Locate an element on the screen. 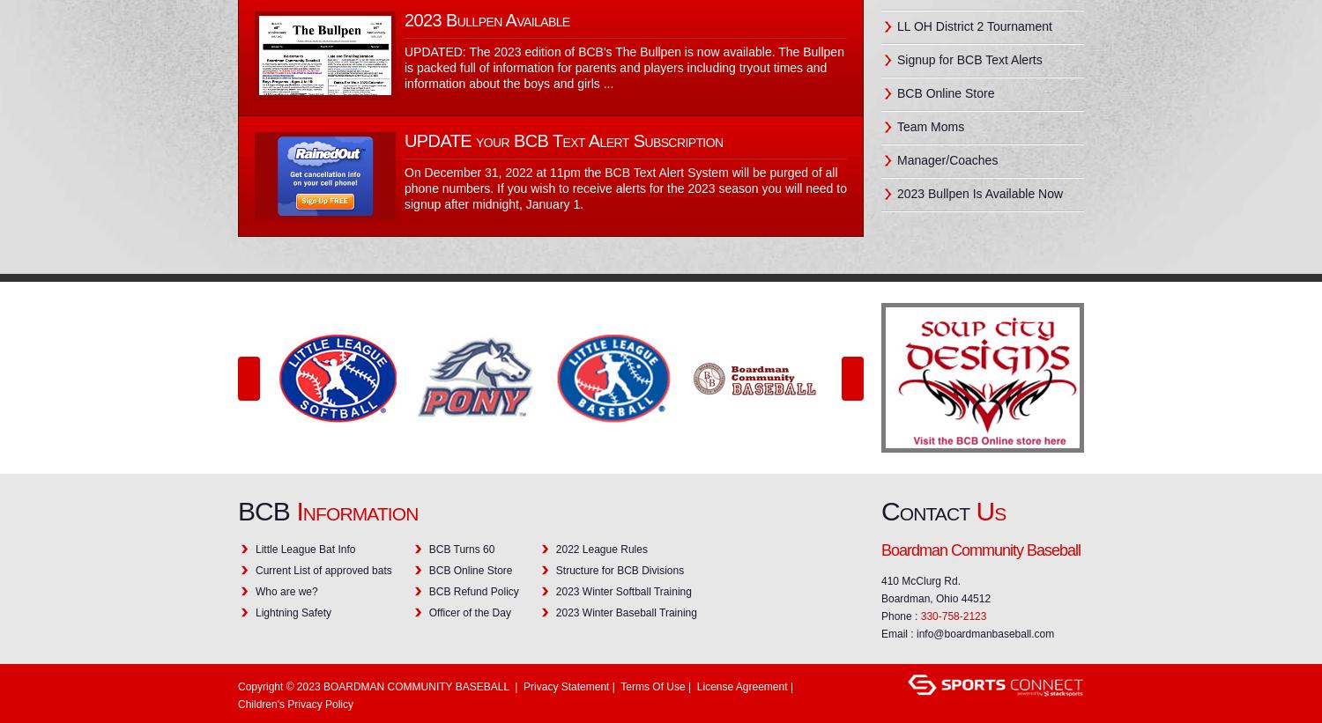 This screenshot has height=723, width=1322. 'Boardman, Ohio 44512' is located at coordinates (936, 598).